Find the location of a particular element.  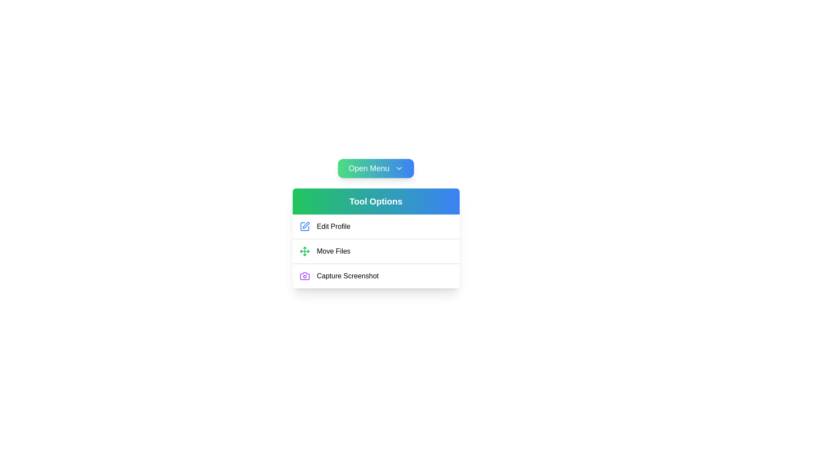

the green move action icon with crossed arrows located immediately to the left of the 'Move Files' text label in the 'Tool Options' dropdown menu is located at coordinates (304, 251).